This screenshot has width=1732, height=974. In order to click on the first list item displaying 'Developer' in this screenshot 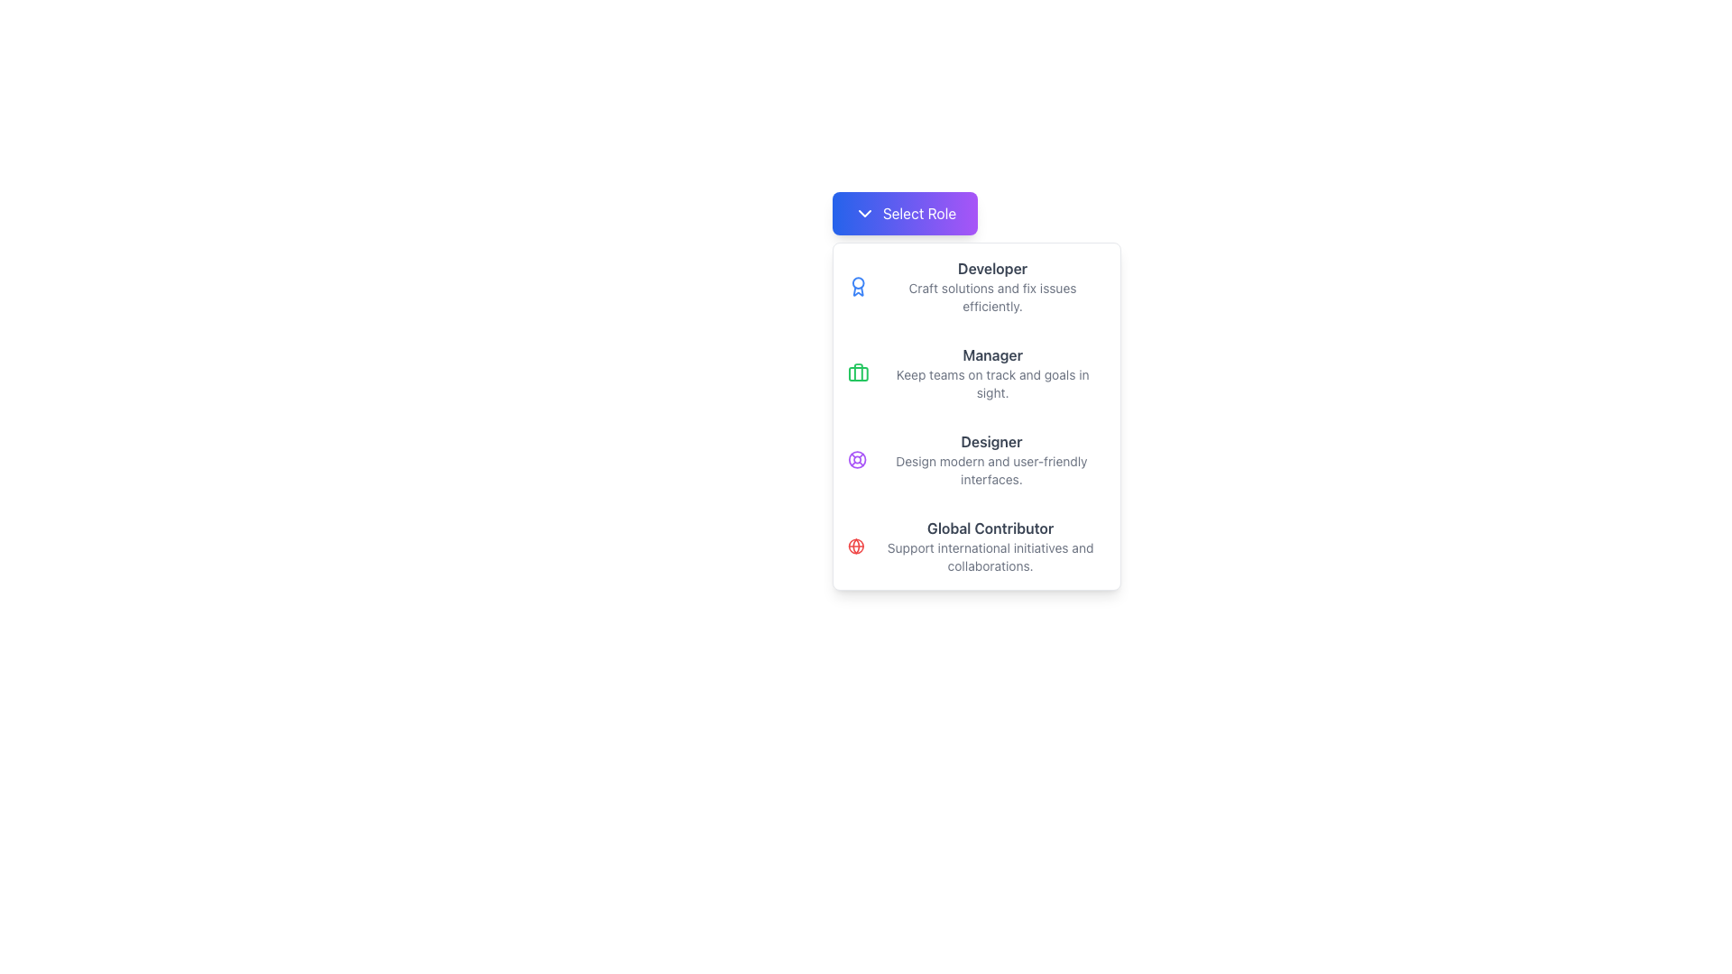, I will do `click(991, 285)`.